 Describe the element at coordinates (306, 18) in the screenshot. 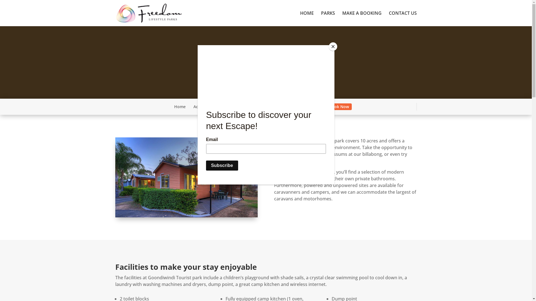

I see `'HOME'` at that location.